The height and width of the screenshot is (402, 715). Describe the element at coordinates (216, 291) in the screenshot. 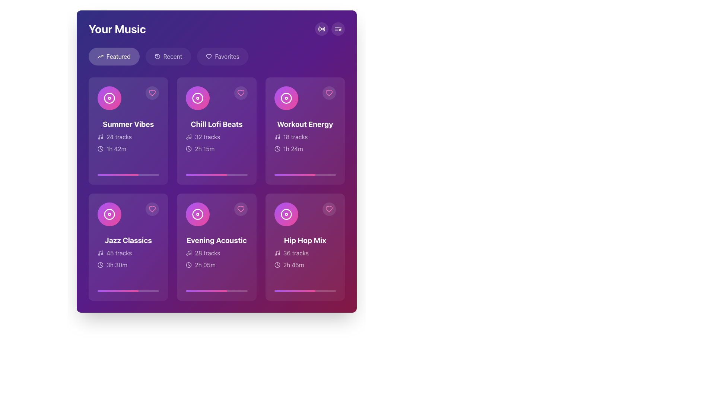

I see `the progress bar representing the completion percentage for the 'Evening Acoustic' playlist, located at the bottom of the card in the 'Your Music' section` at that location.